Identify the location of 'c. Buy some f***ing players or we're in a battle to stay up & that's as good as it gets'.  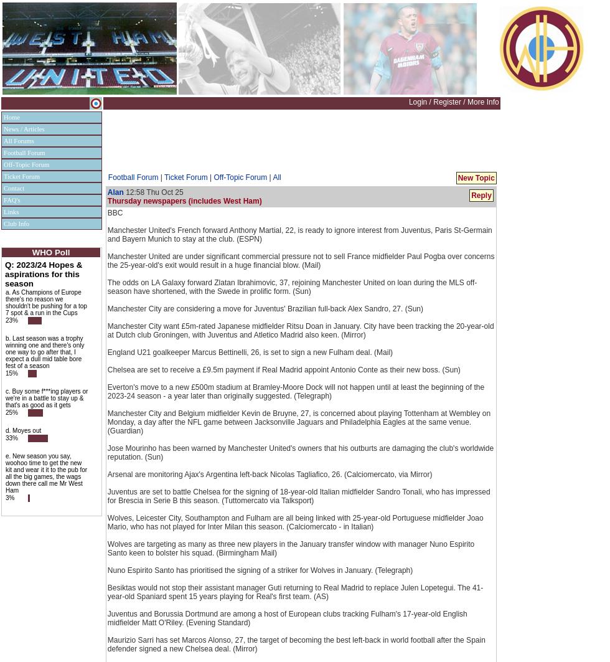
(46, 397).